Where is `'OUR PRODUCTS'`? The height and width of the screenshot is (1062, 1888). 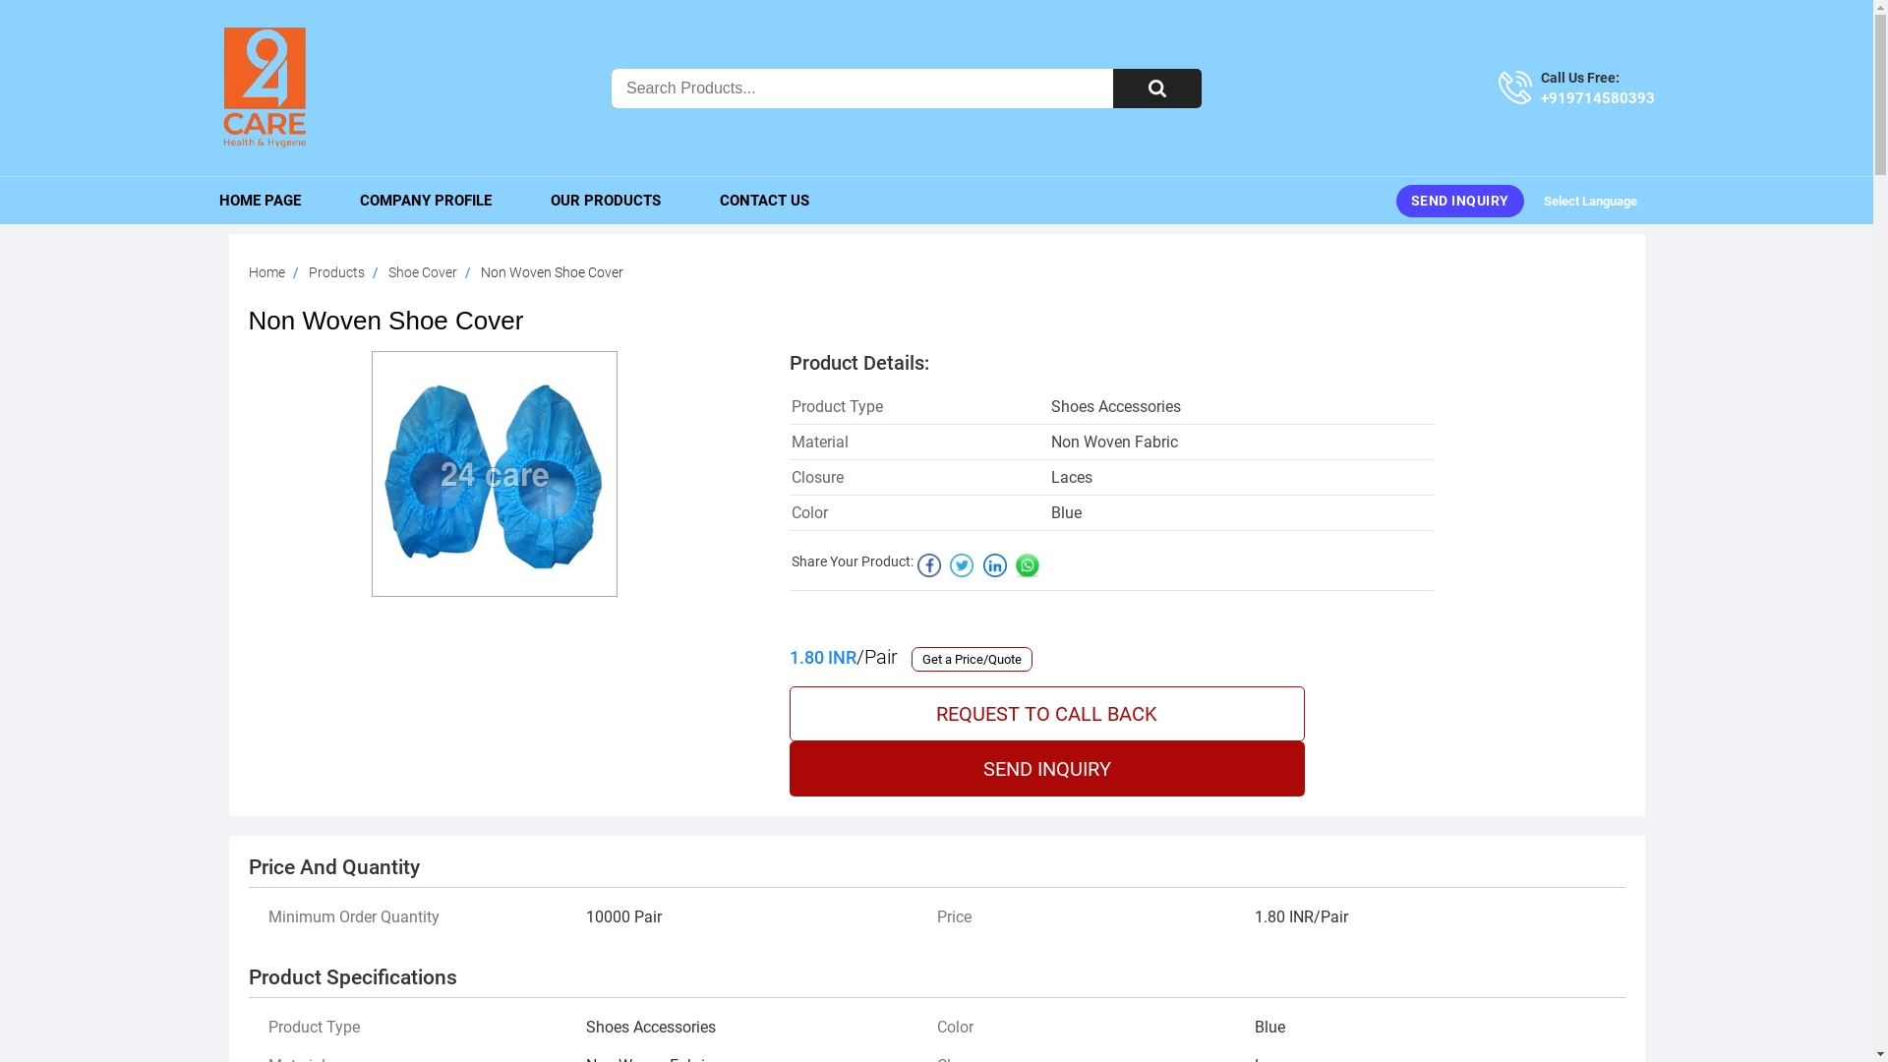
'OUR PRODUCTS' is located at coordinates (604, 201).